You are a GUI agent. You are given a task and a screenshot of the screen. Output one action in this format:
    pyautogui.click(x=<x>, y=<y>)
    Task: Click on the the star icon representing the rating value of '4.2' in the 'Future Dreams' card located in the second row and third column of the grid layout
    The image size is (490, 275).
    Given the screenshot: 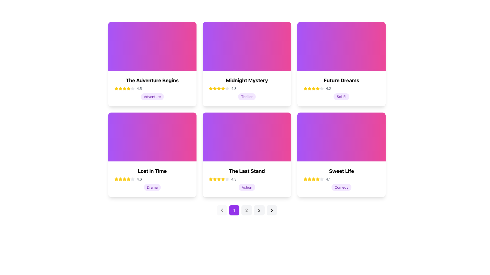 What is the action you would take?
    pyautogui.click(x=305, y=88)
    